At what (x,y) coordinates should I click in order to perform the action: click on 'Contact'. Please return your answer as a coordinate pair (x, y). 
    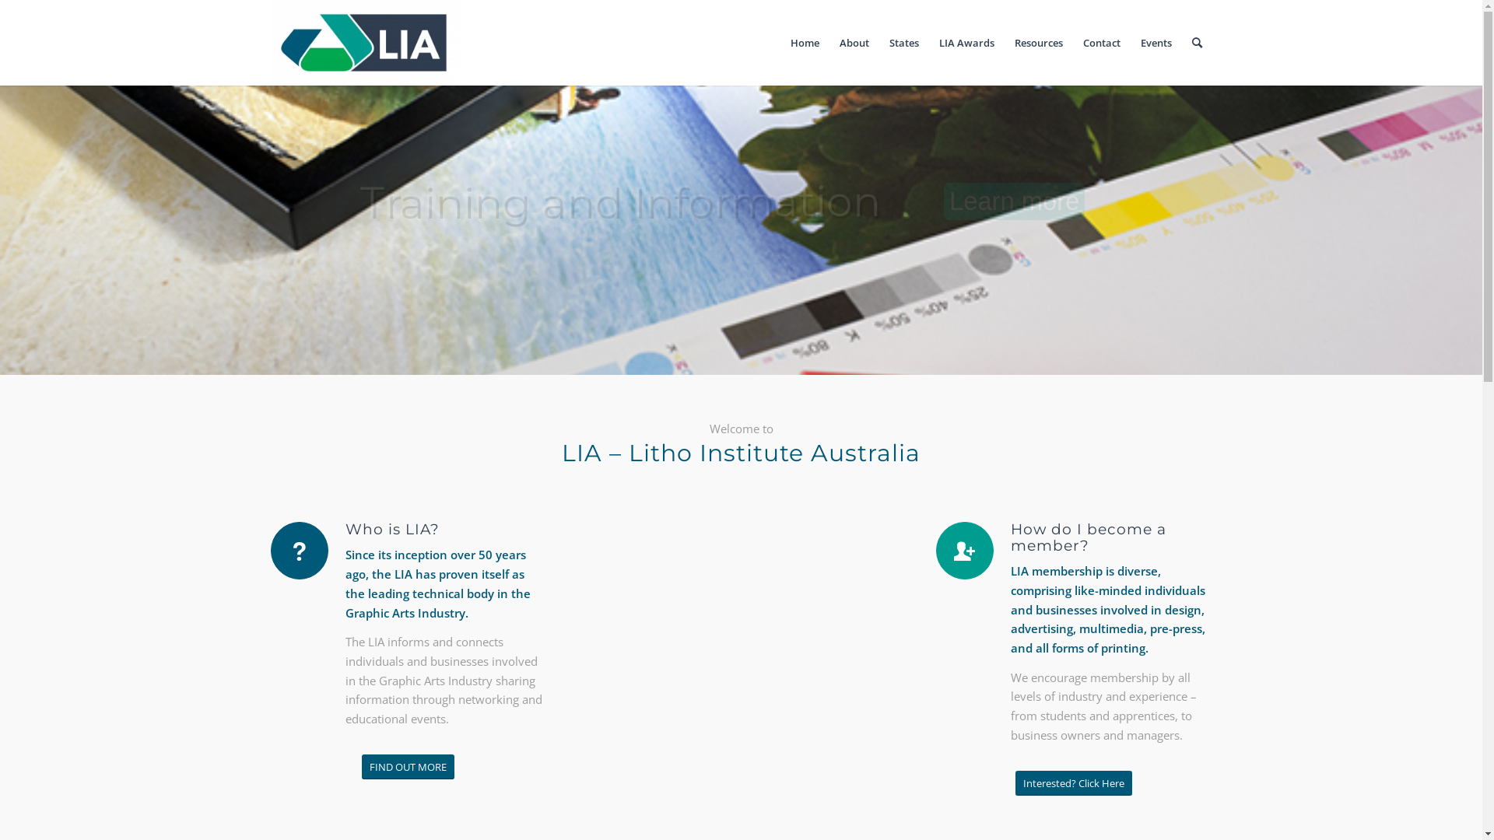
    Looking at the image, I should click on (1100, 41).